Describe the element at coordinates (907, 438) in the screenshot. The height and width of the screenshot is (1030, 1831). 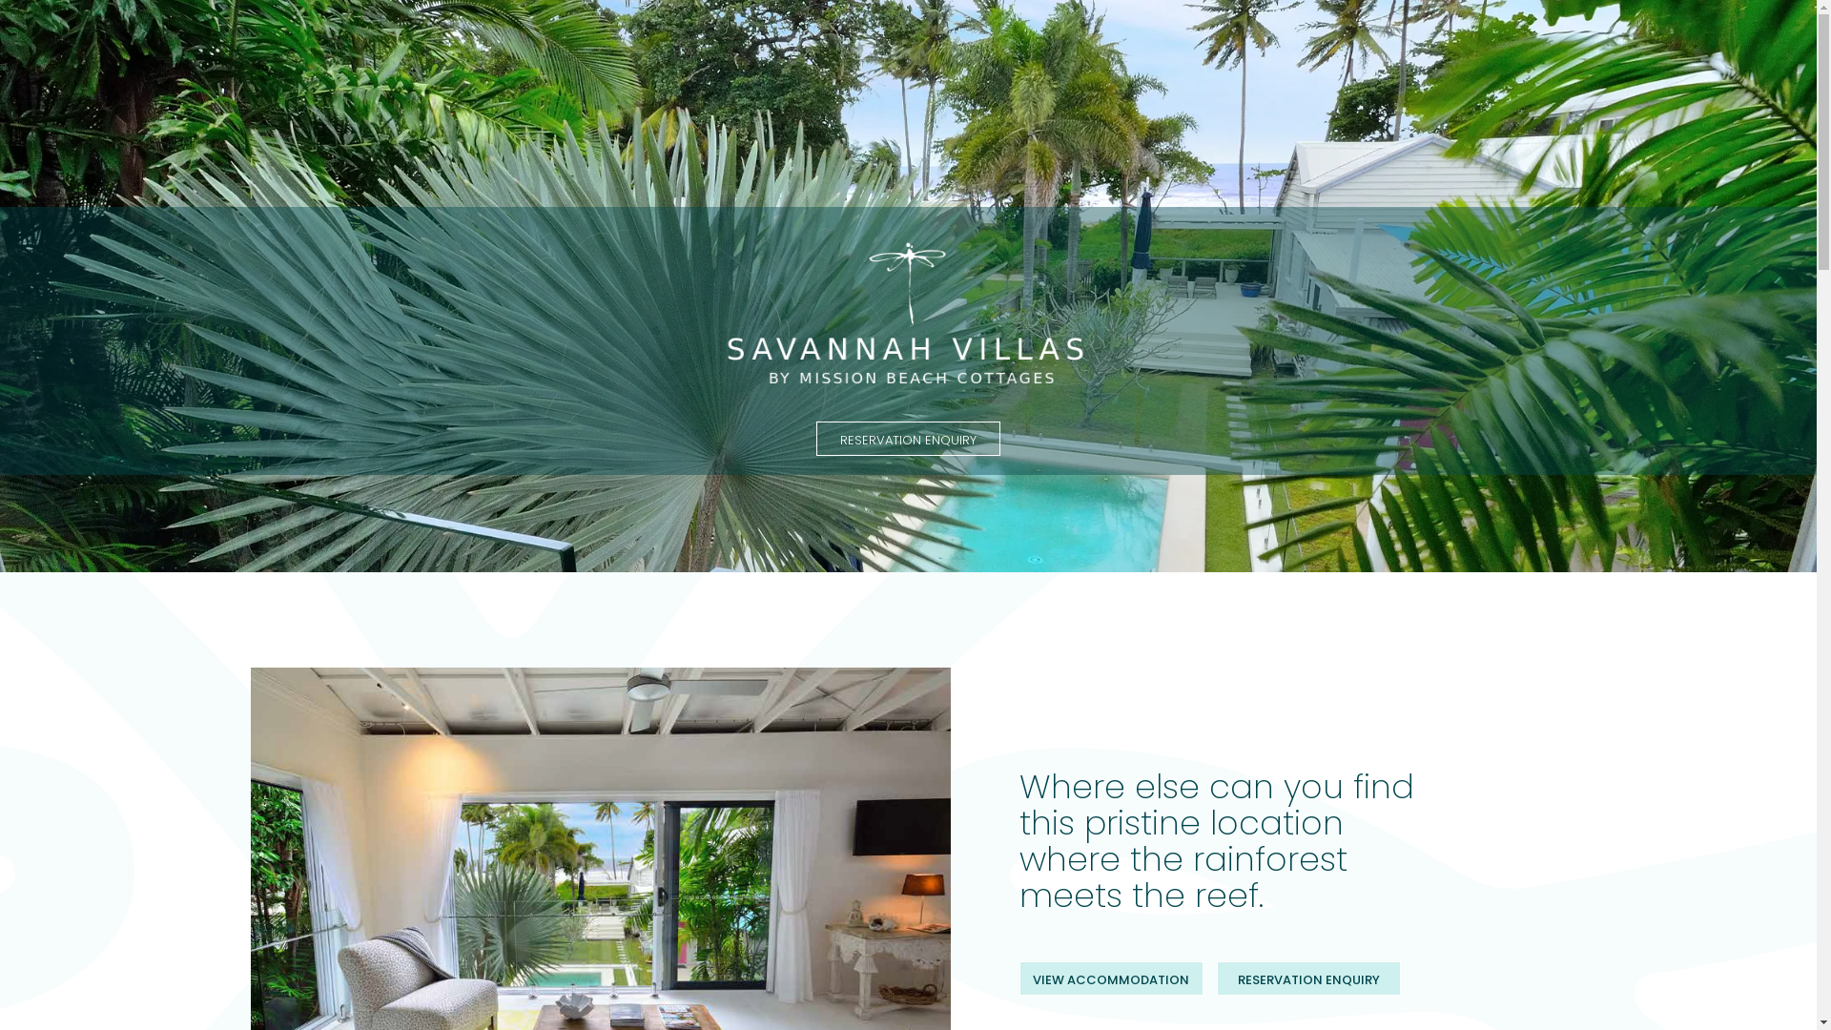
I see `'RESERVATION ENQUIRY'` at that location.